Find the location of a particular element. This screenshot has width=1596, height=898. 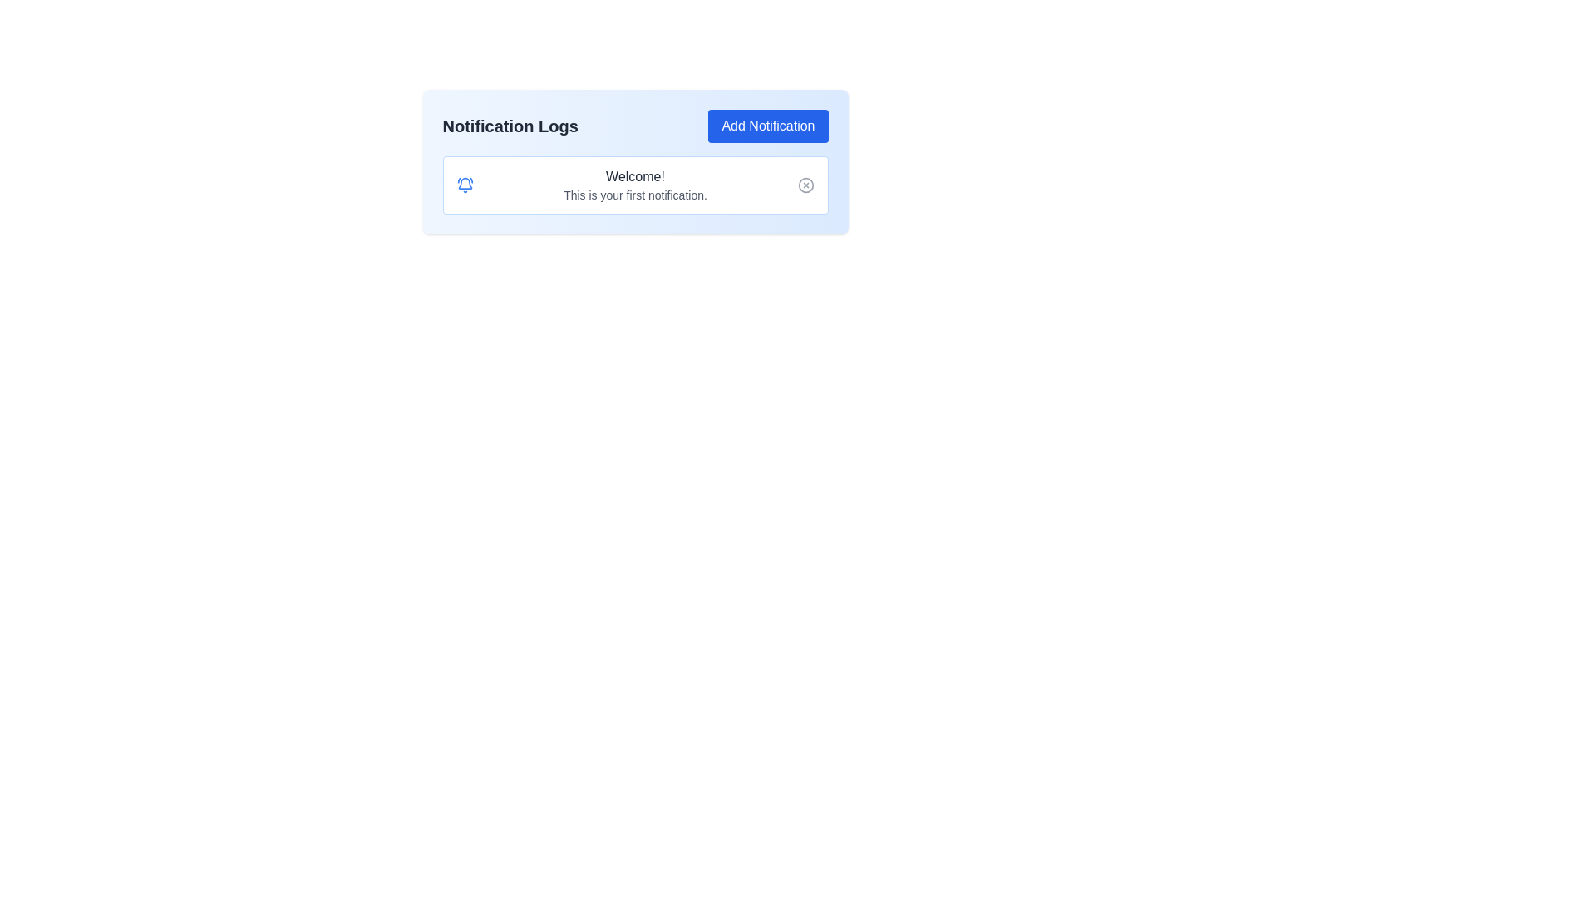

the bell icon located at the top-left corner of the notification box, which serves as a visual indicator for notifications is located at coordinates (465, 185).